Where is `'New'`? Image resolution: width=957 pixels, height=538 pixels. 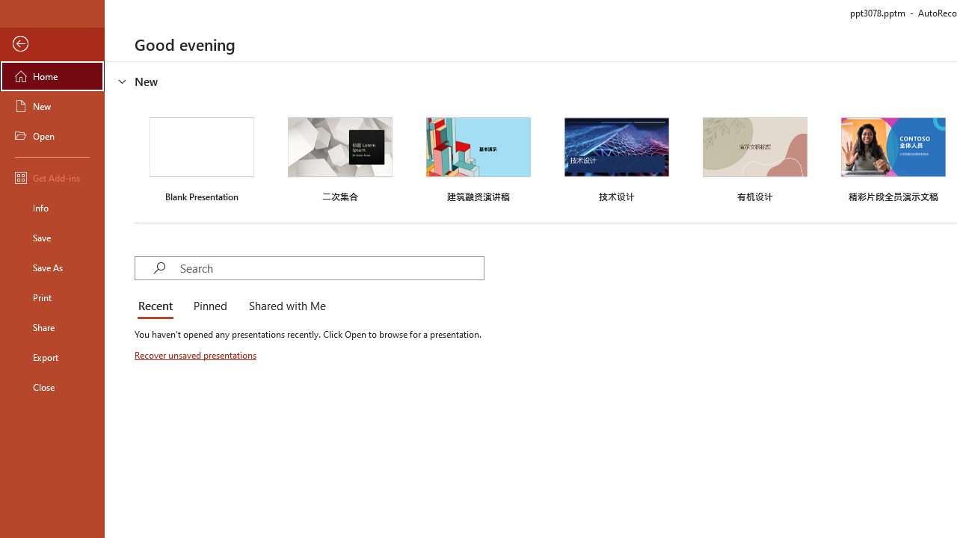
'New' is located at coordinates (52, 105).